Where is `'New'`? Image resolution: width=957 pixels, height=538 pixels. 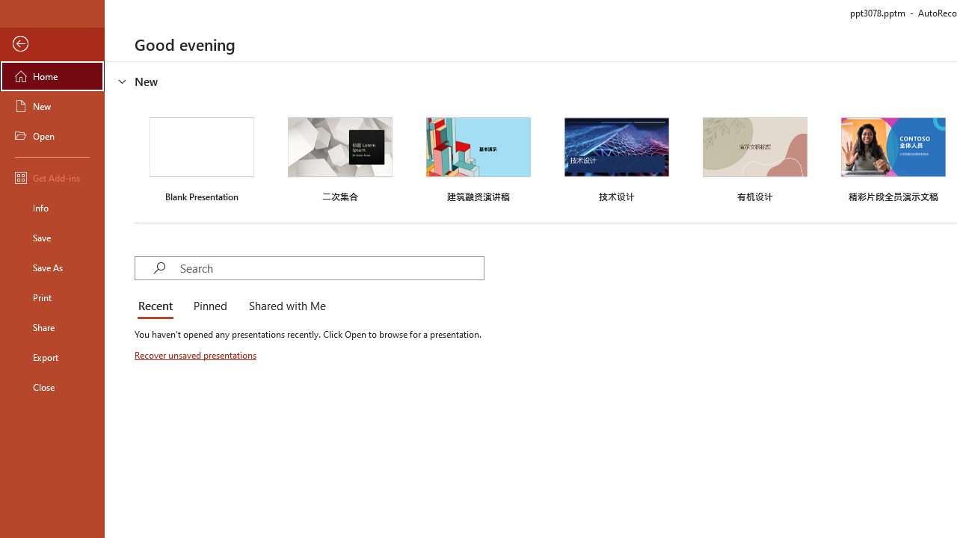
'New' is located at coordinates (52, 105).